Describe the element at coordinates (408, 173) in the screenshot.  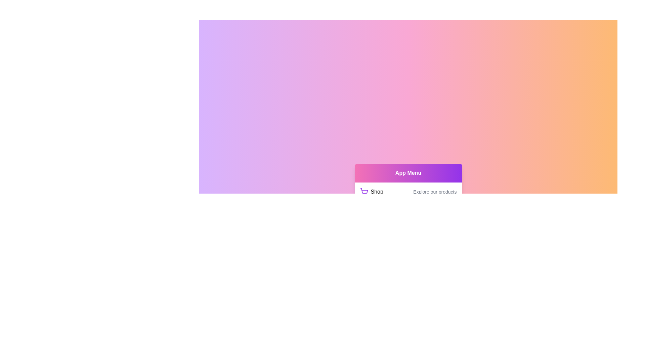
I see `the header labeled 'App Menu'` at that location.